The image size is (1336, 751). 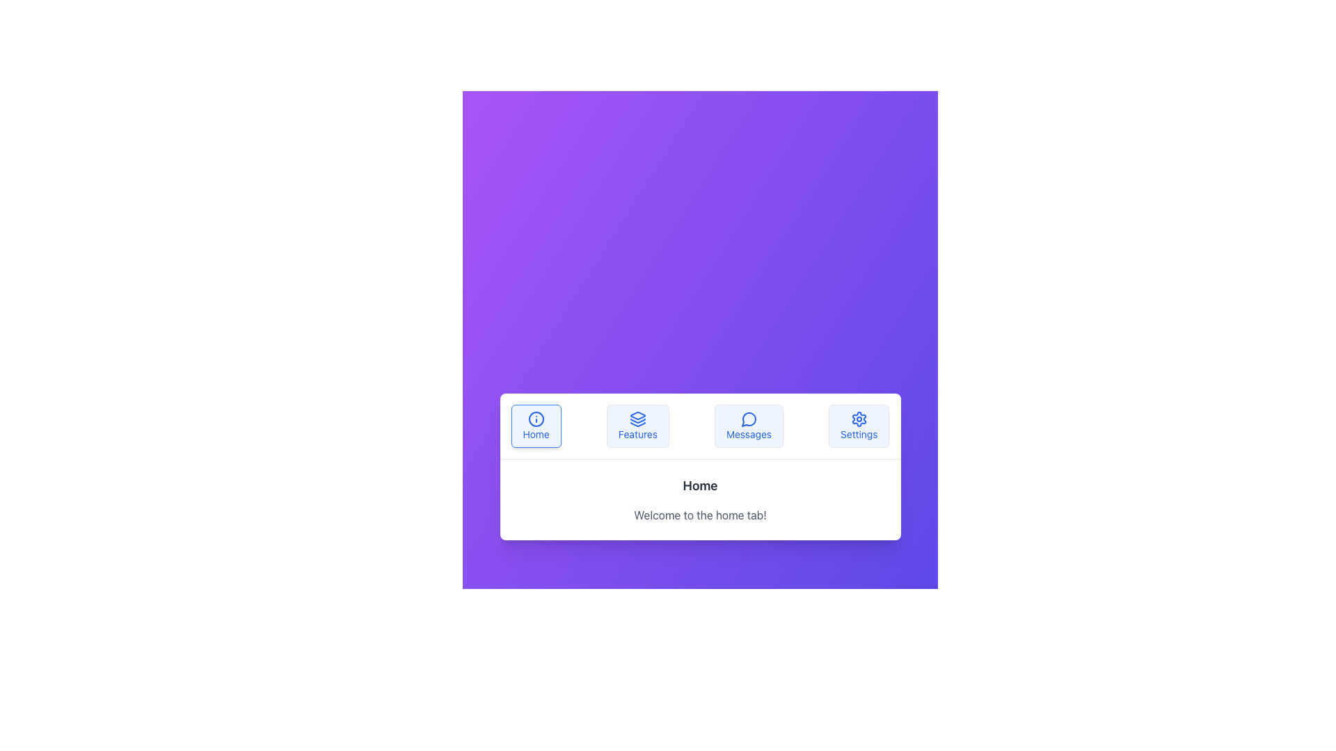 What do you see at coordinates (637, 423) in the screenshot?
I see `the icon representing the Features tab in the bottom navigation bar` at bounding box center [637, 423].